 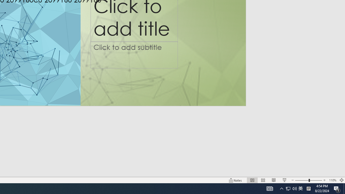 I want to click on 'Q2790: 100%', so click(x=294, y=188).